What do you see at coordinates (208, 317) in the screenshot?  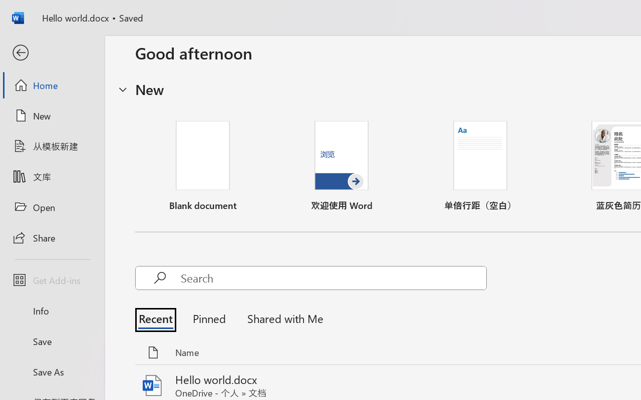 I see `'Pinned'` at bounding box center [208, 317].